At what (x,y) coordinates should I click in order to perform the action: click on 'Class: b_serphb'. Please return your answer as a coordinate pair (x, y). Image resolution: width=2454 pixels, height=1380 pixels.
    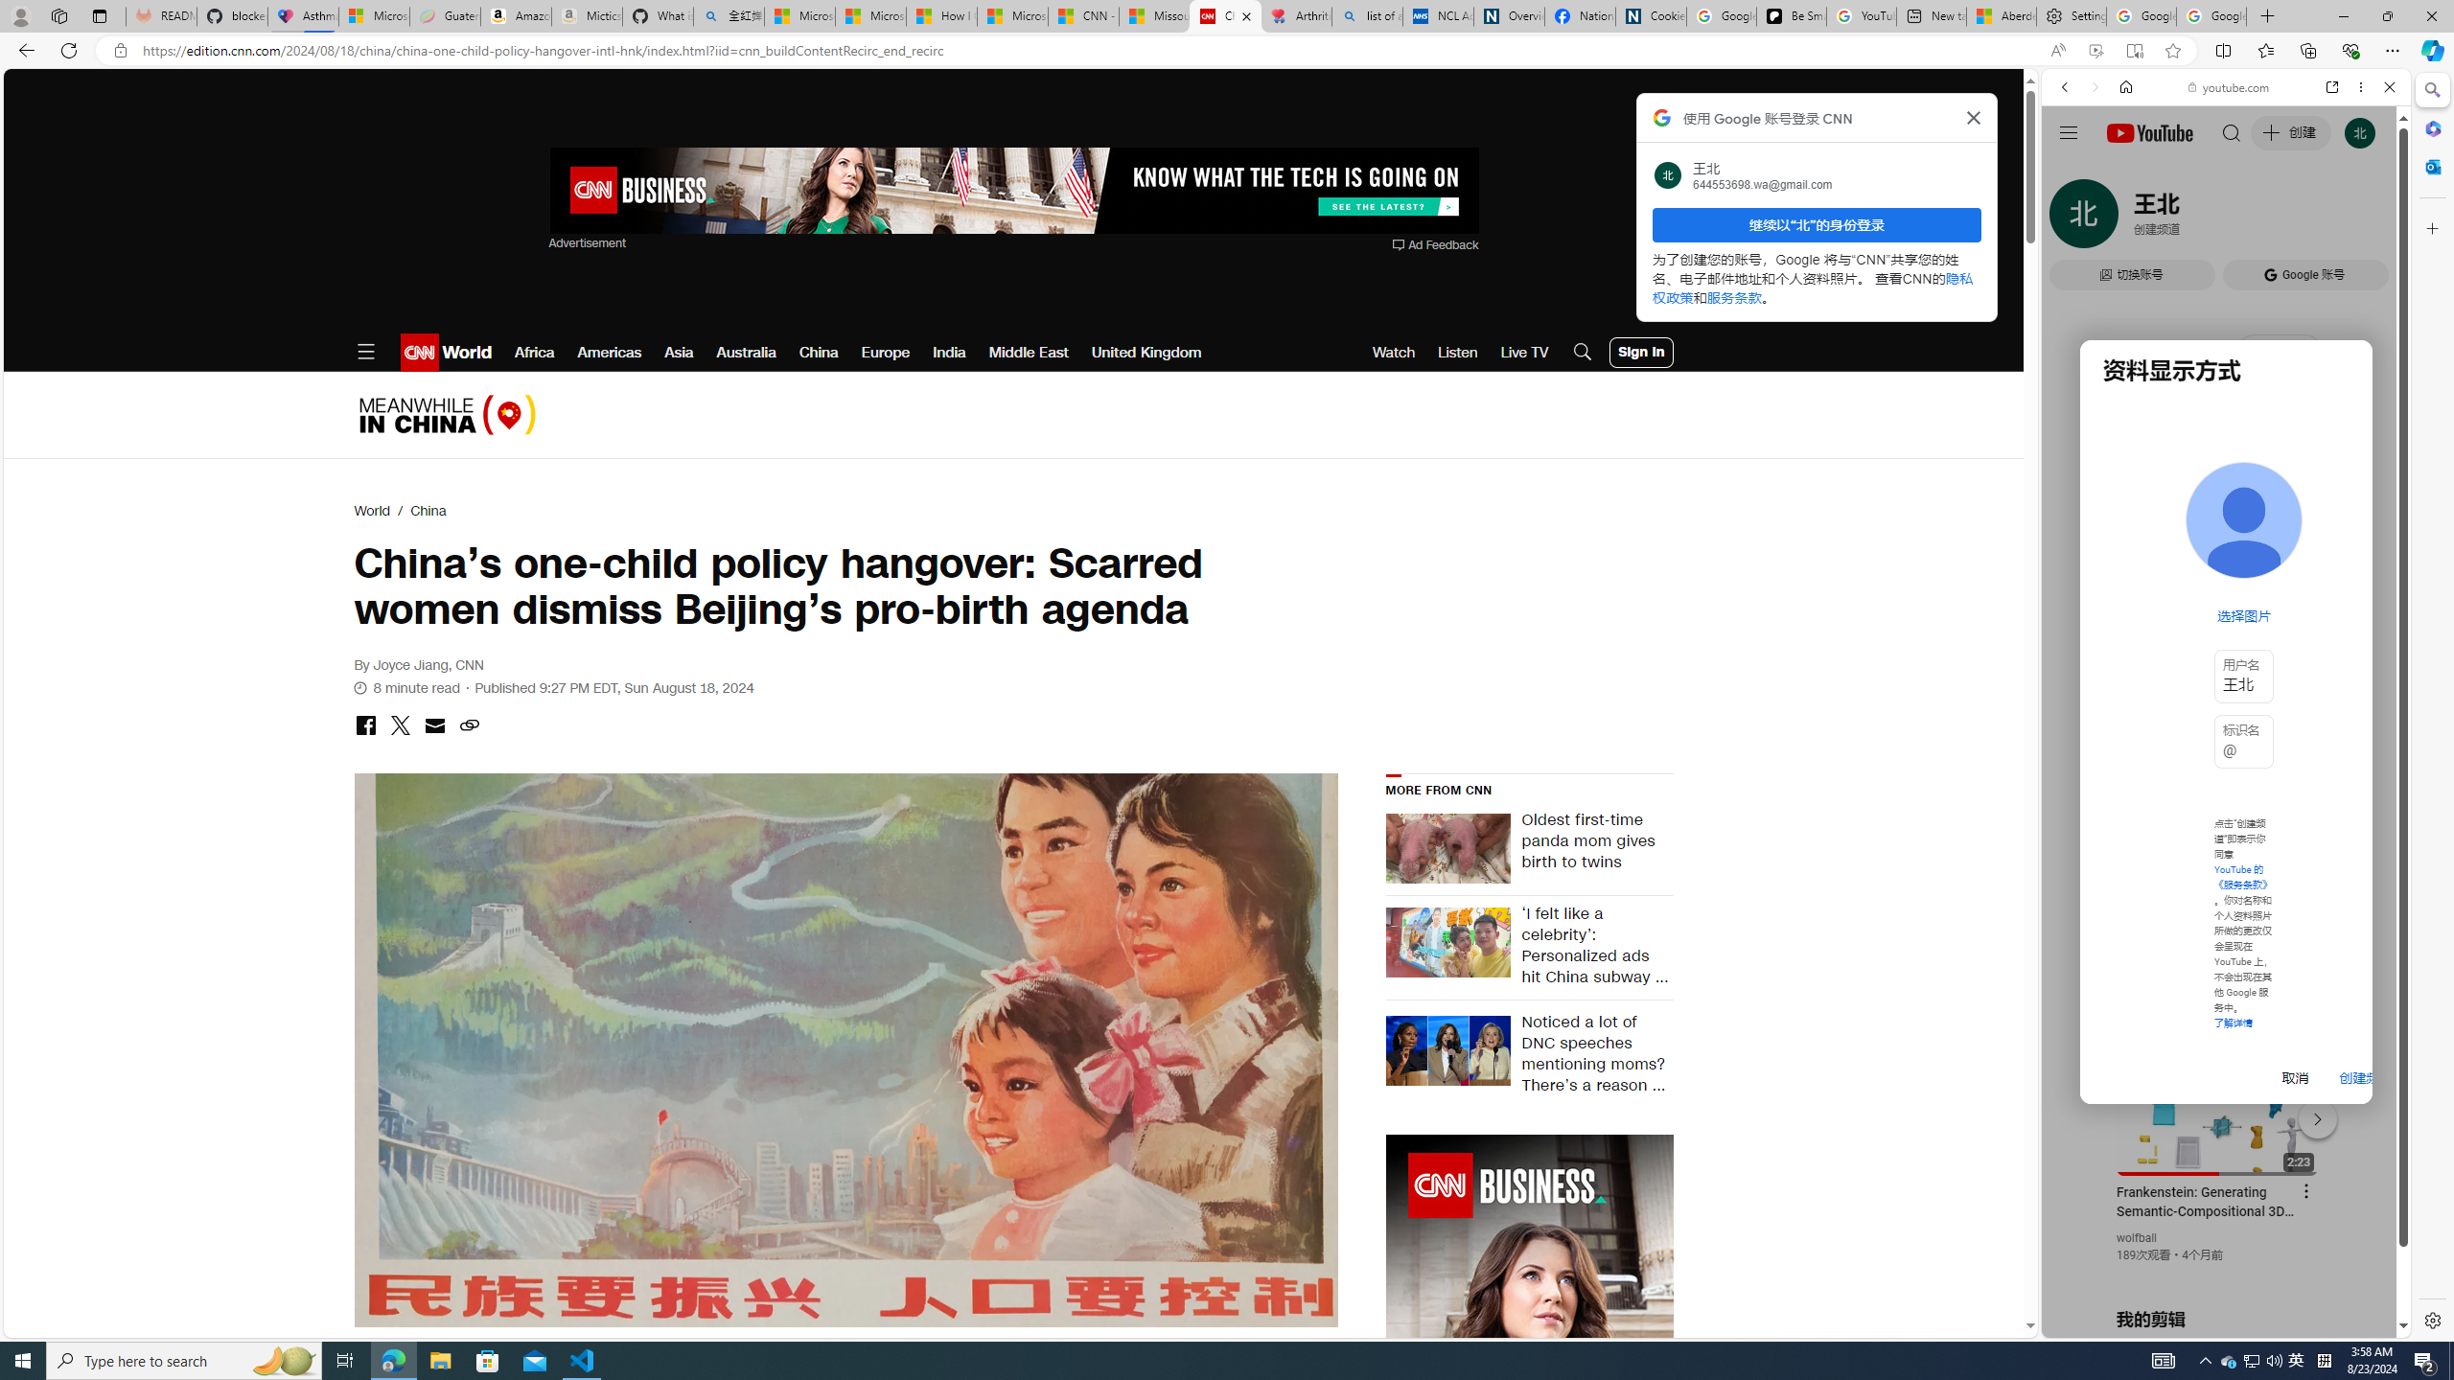
    Looking at the image, I should click on (2368, 219).